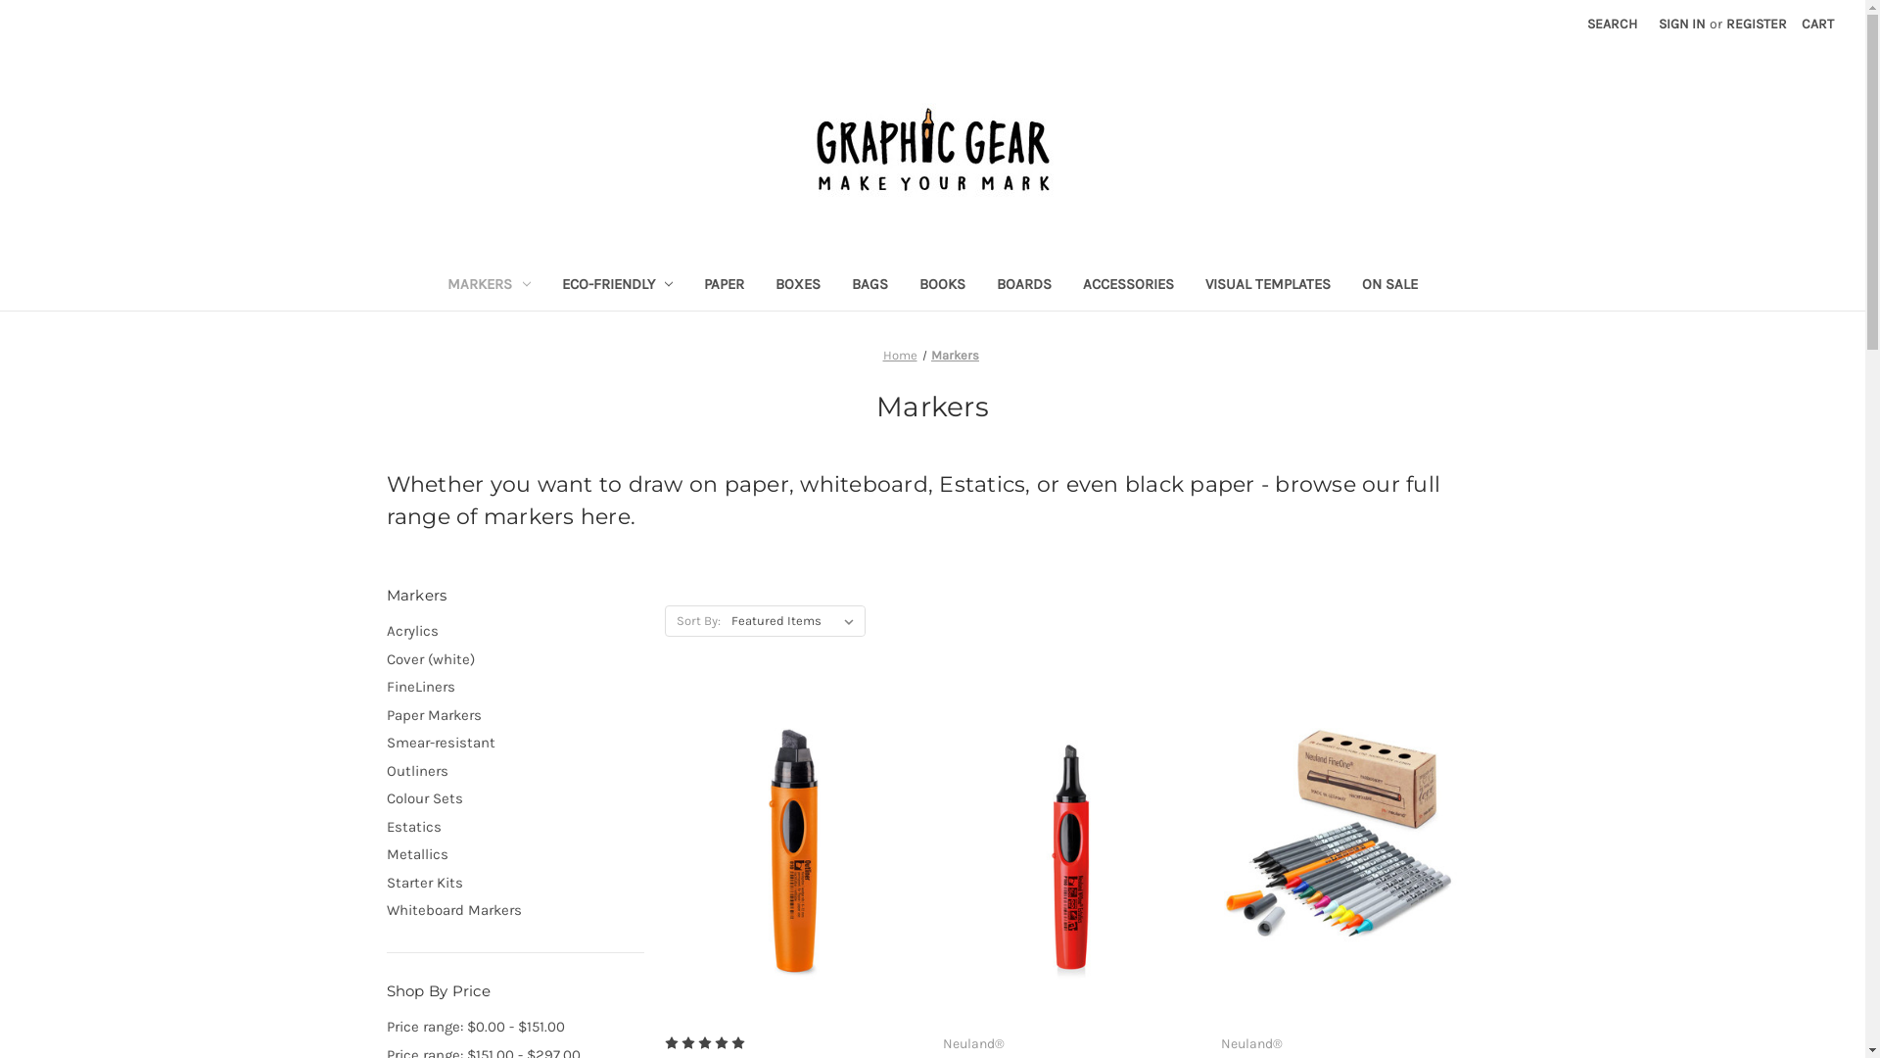  I want to click on 'Colour Sets', so click(385, 798).